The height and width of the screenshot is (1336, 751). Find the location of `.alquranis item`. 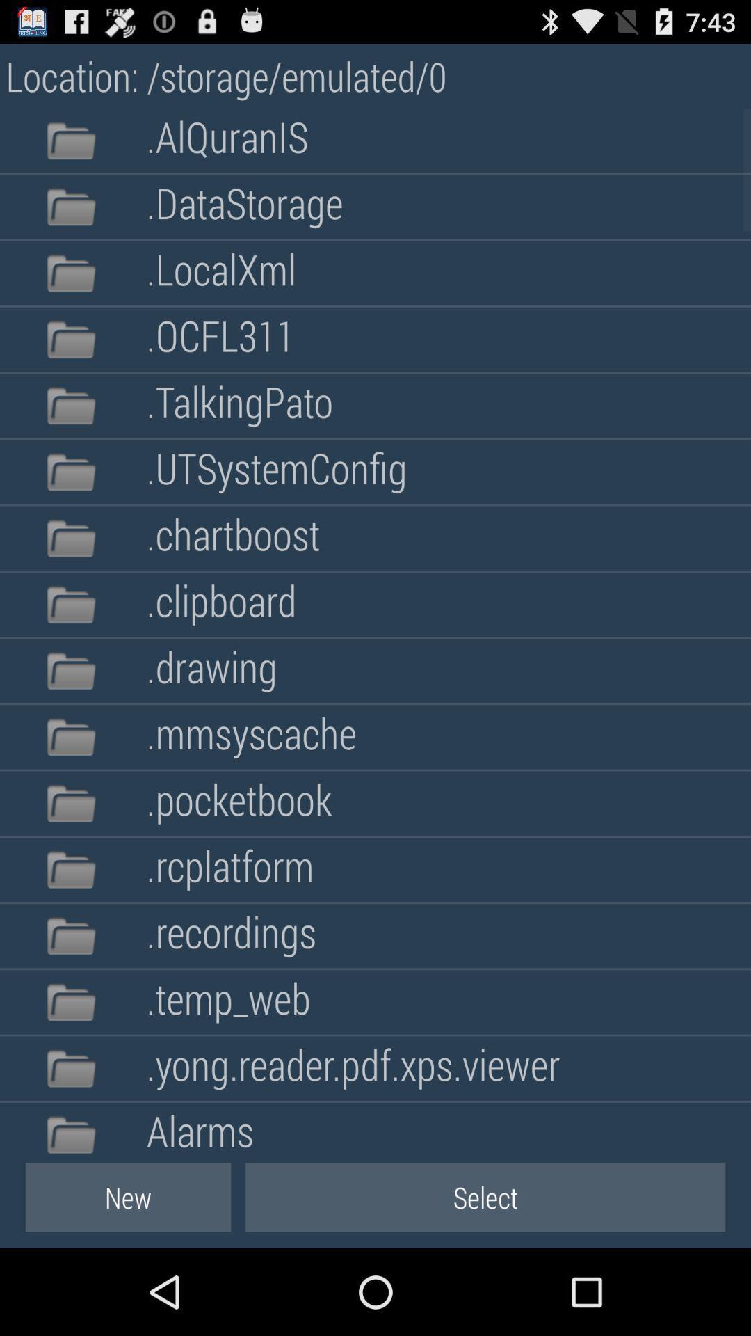

.alquranis item is located at coordinates (227, 141).